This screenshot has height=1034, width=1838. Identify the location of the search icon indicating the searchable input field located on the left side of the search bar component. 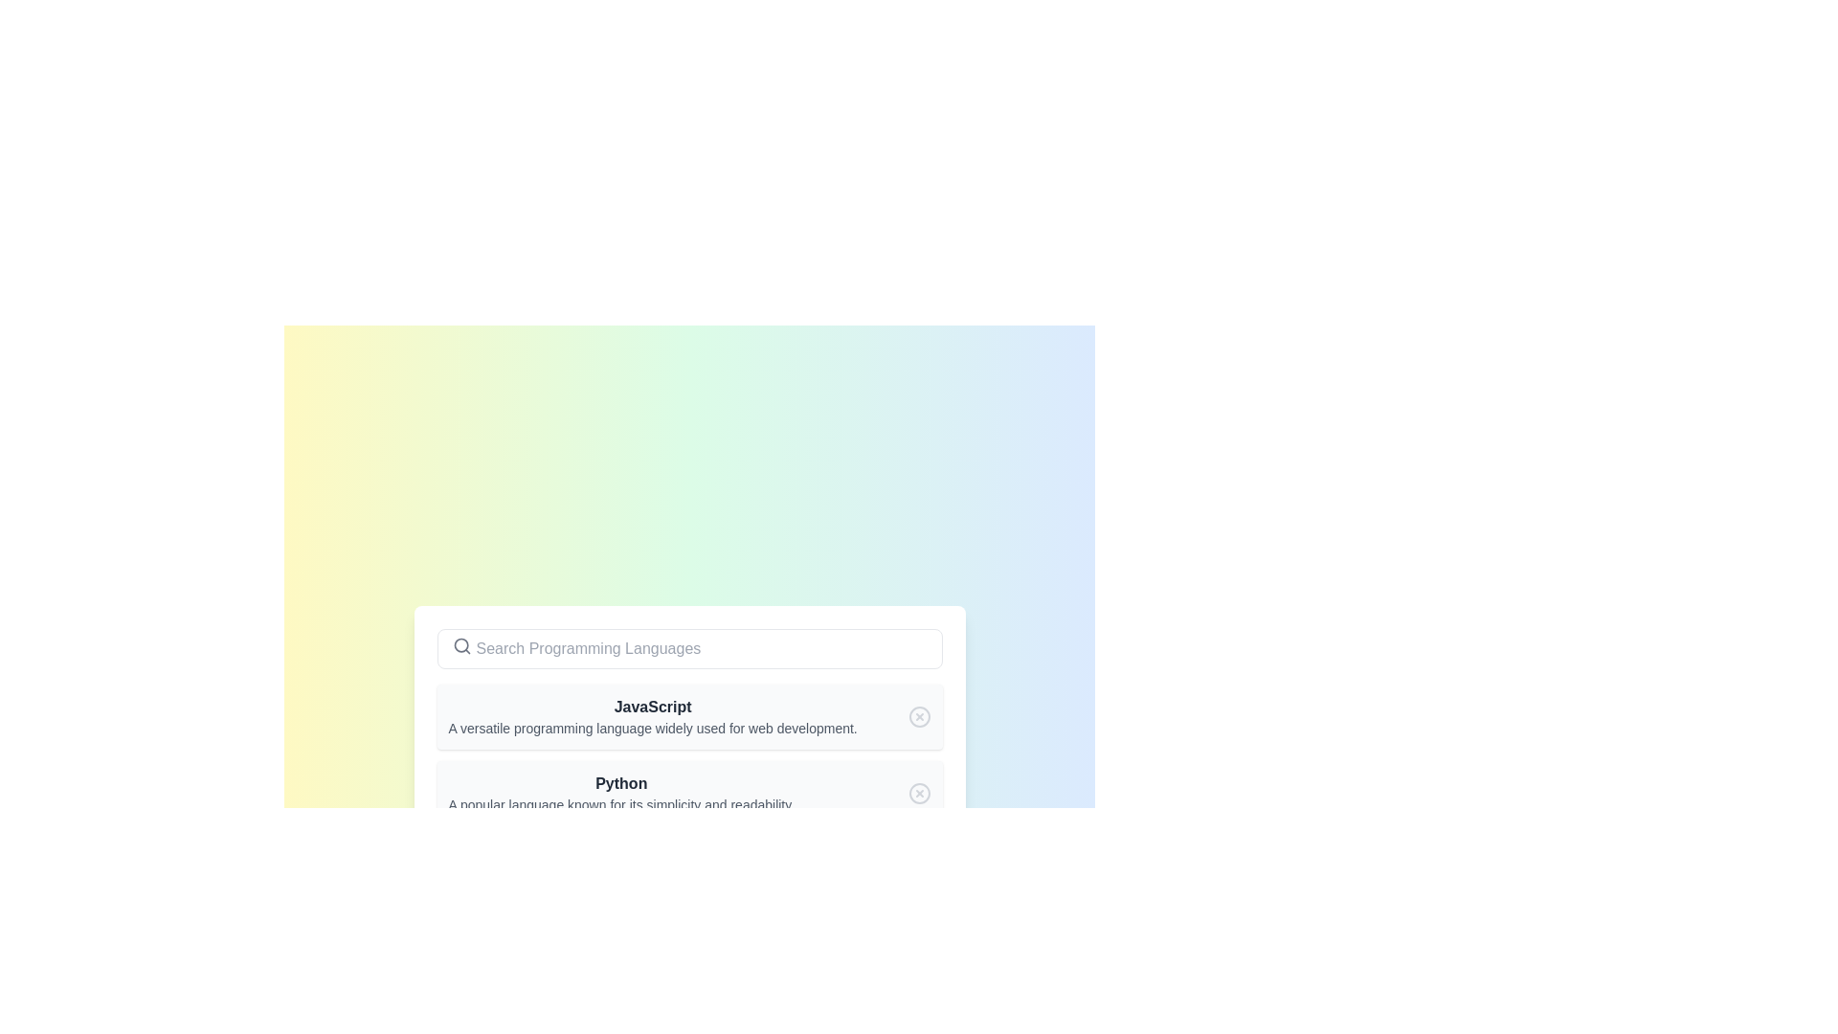
(461, 646).